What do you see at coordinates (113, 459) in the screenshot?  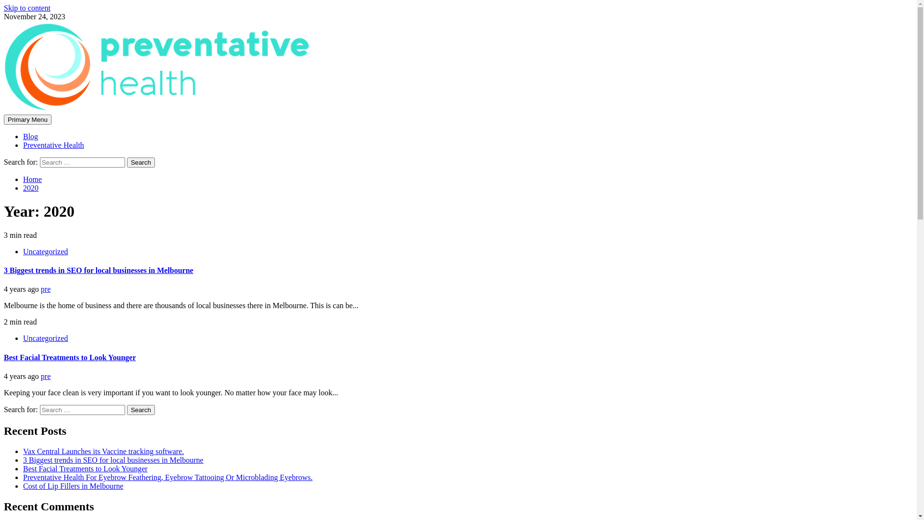 I see `'3 Biggest trends in SEO for local businesses in Melbourne'` at bounding box center [113, 459].